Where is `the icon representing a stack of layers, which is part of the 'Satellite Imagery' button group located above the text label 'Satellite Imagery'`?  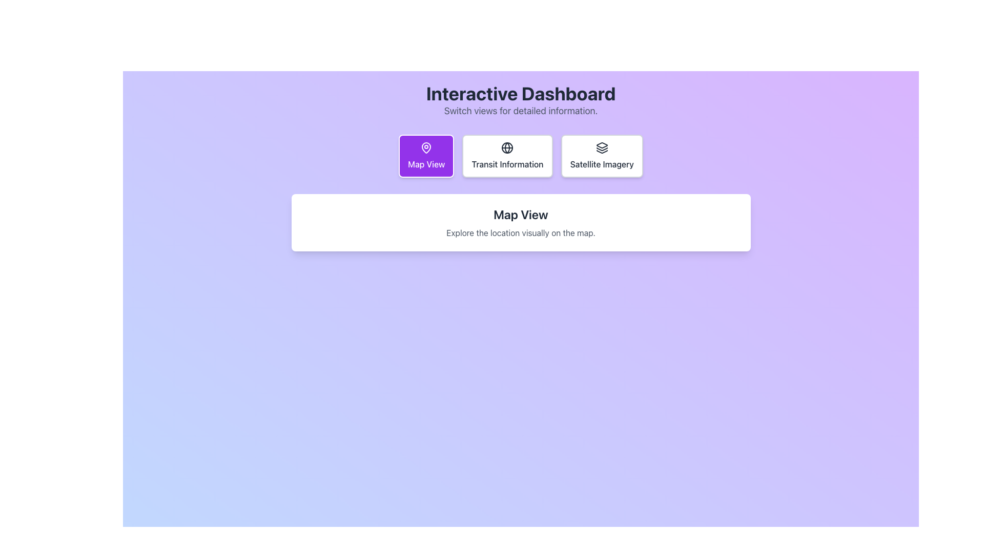 the icon representing a stack of layers, which is part of the 'Satellite Imagery' button group located above the text label 'Satellite Imagery' is located at coordinates (602, 148).